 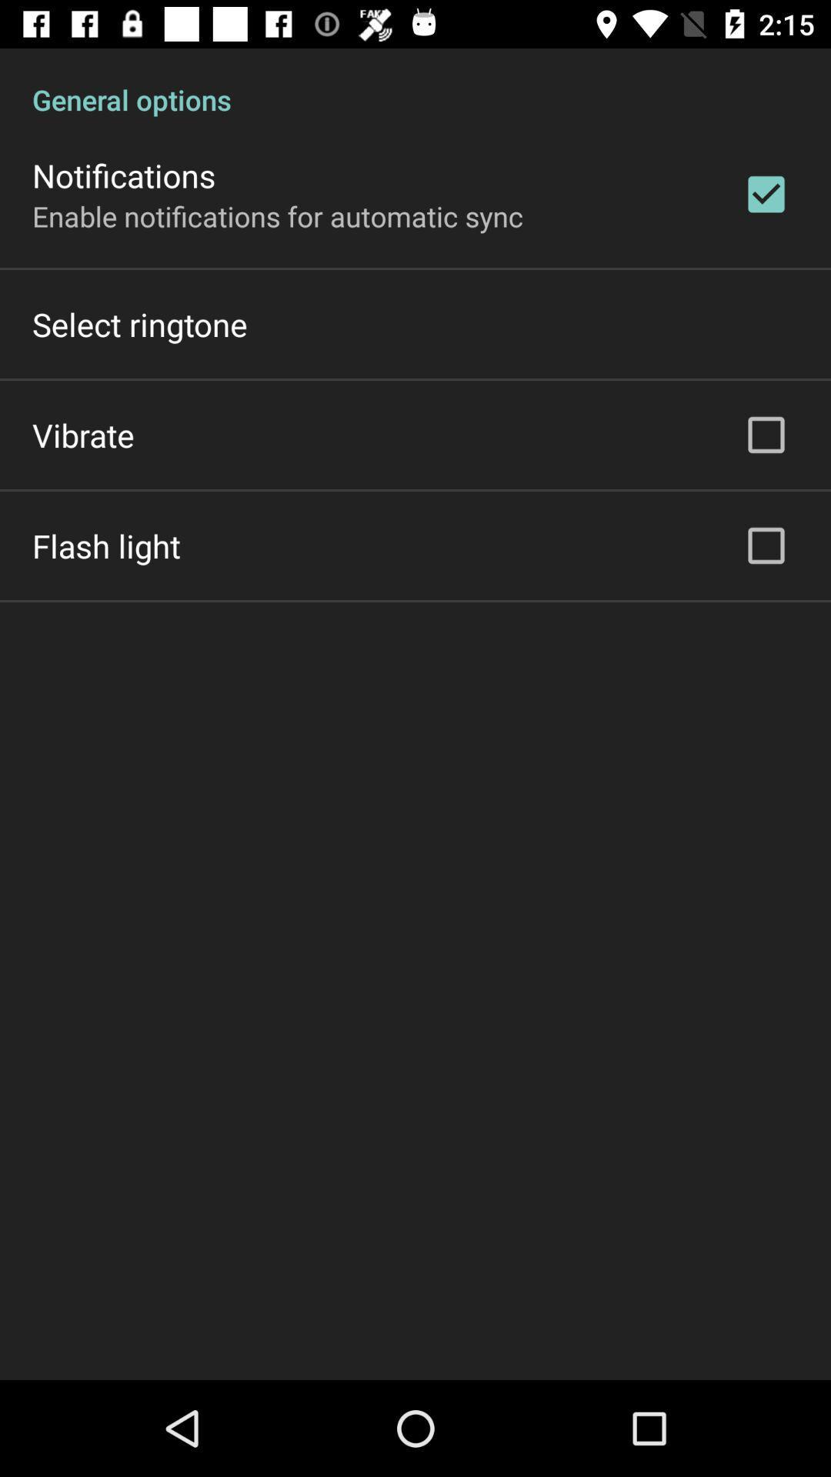 I want to click on select ringtone, so click(x=139, y=323).